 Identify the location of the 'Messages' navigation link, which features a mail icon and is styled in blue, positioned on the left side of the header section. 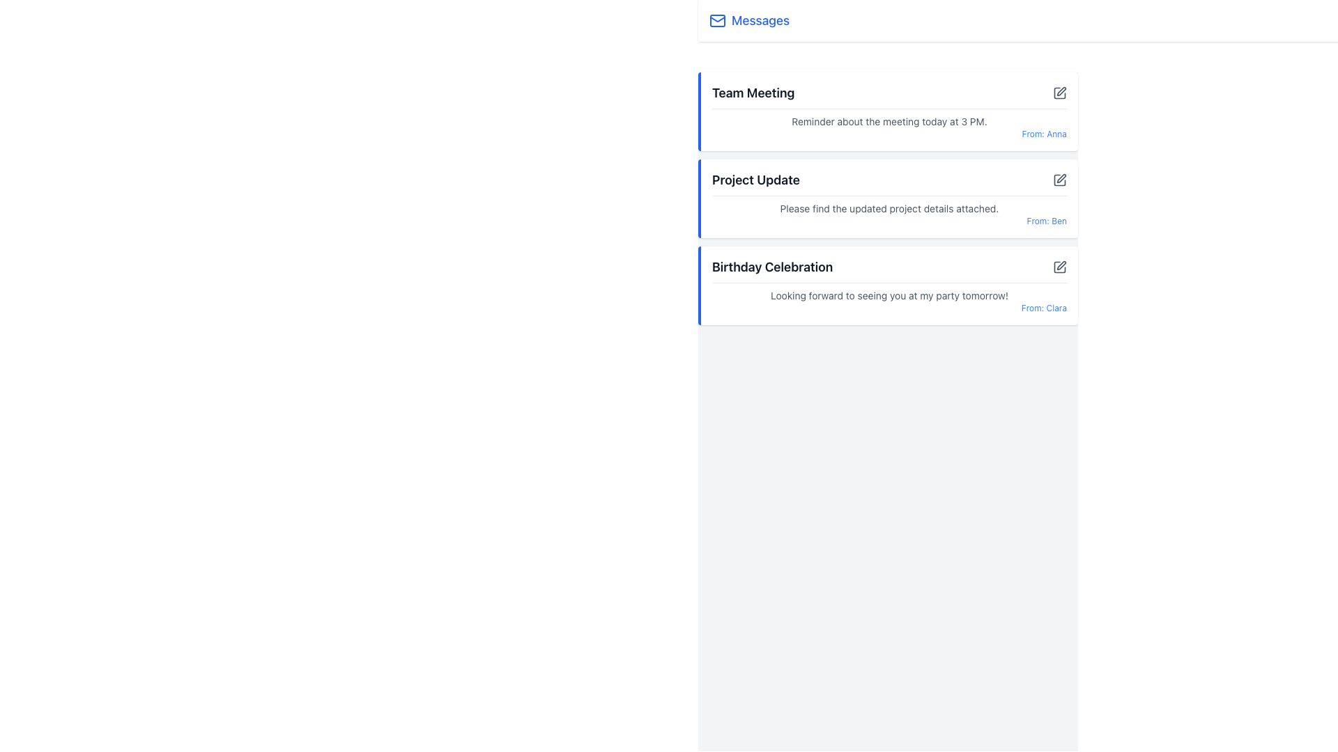
(748, 21).